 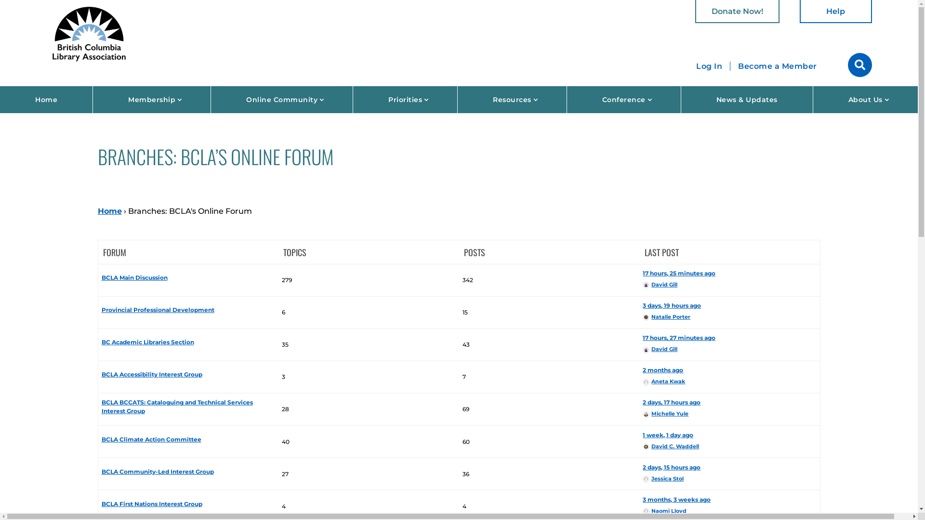 I want to click on 'Membership', so click(x=151, y=100).